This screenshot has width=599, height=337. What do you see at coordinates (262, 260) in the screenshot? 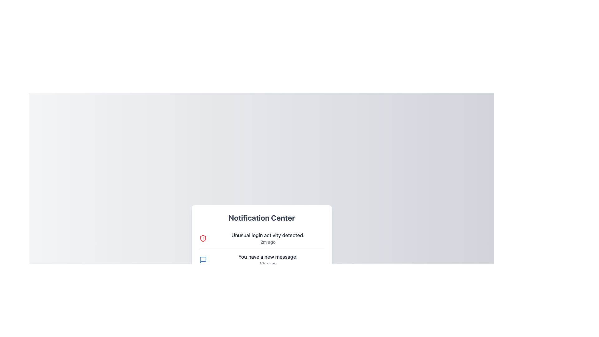
I see `the list of recent notifications displayed in the 'Notification Center', which is located below the title and above the 'Clear All Notifications' button` at bounding box center [262, 260].